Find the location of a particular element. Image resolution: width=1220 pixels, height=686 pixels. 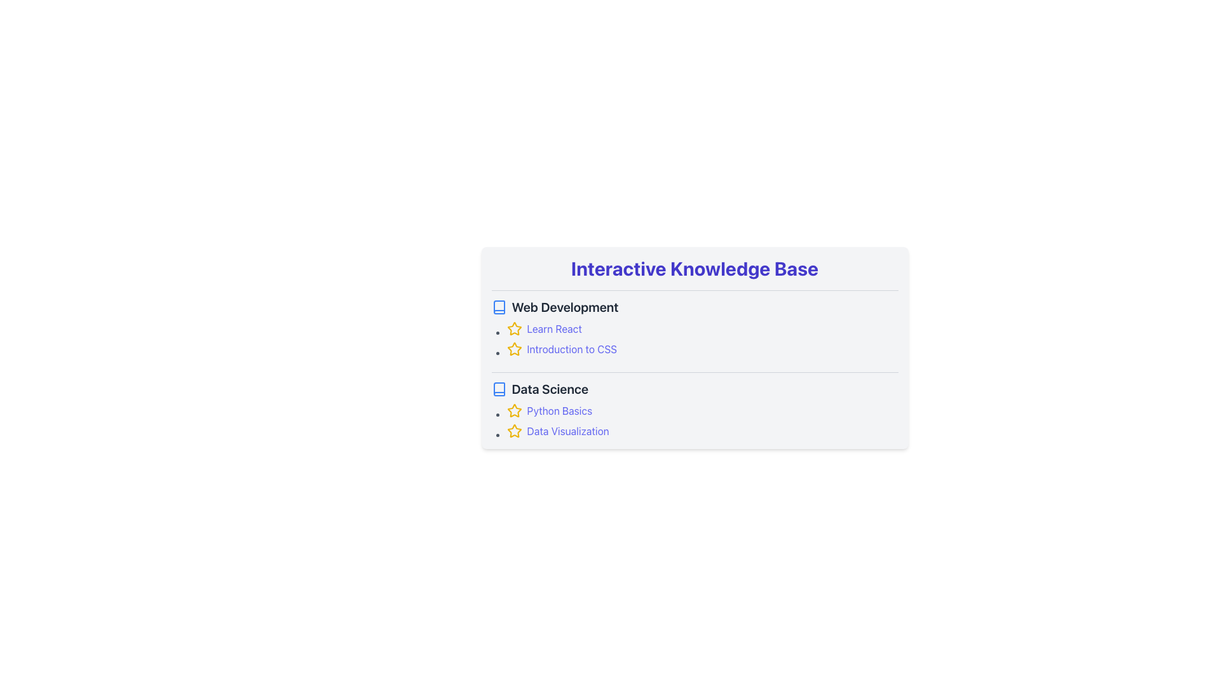

the small star-shaped yellow icon with a hollow interior, located to the left of the 'Learn React' text in the 'Web Development' section is located at coordinates (514, 328).